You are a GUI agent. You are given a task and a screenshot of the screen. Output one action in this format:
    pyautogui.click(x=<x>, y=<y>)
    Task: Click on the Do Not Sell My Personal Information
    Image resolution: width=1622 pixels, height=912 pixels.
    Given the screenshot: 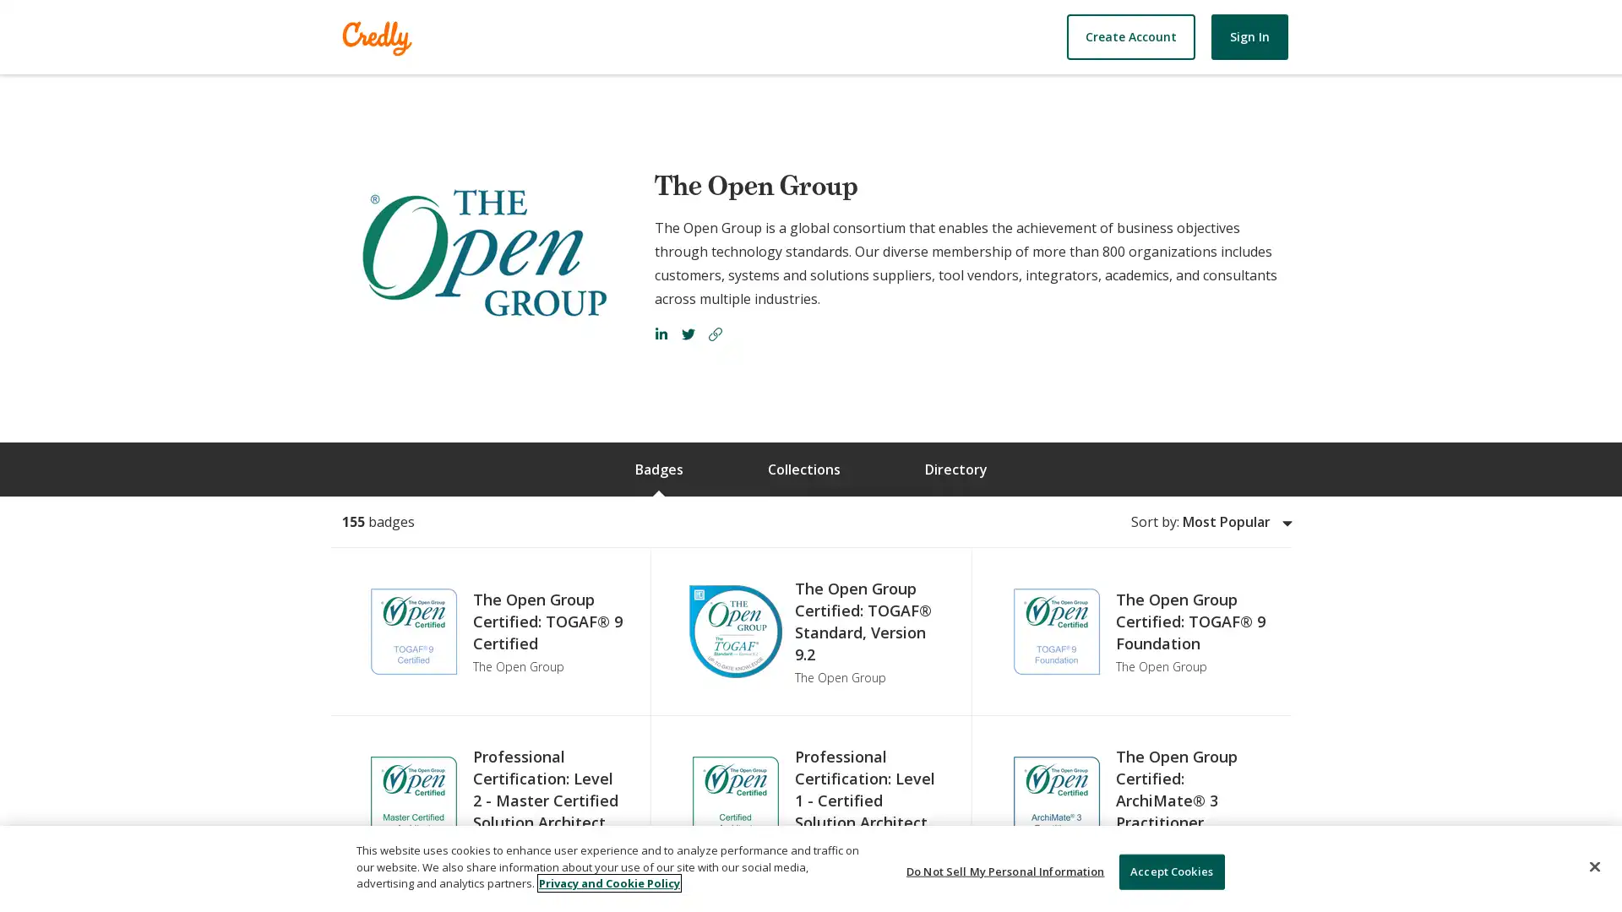 What is the action you would take?
    pyautogui.click(x=1005, y=871)
    